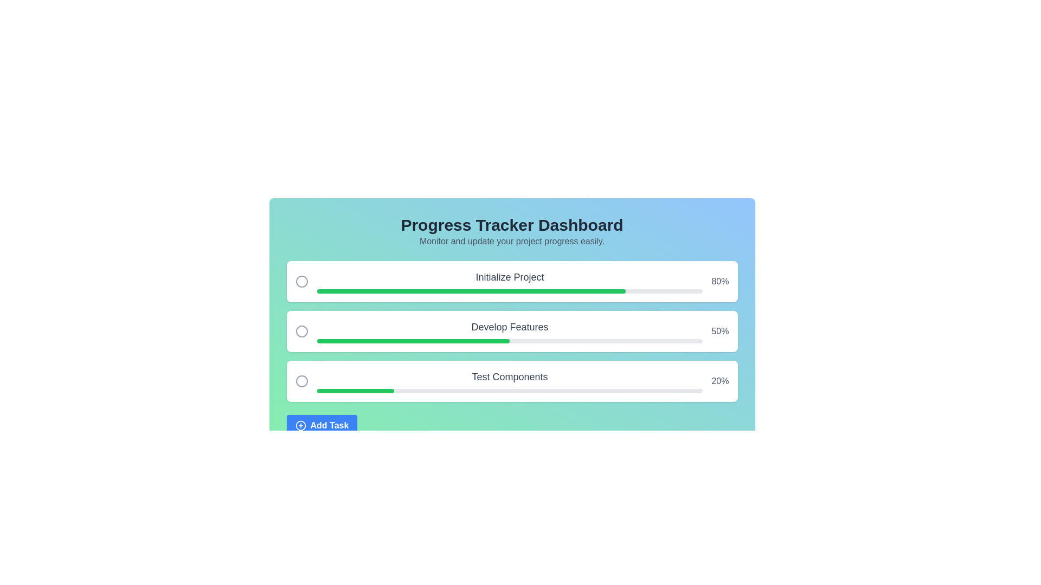  I want to click on the progress bars within the Dashboard overview panel, so click(511, 325).